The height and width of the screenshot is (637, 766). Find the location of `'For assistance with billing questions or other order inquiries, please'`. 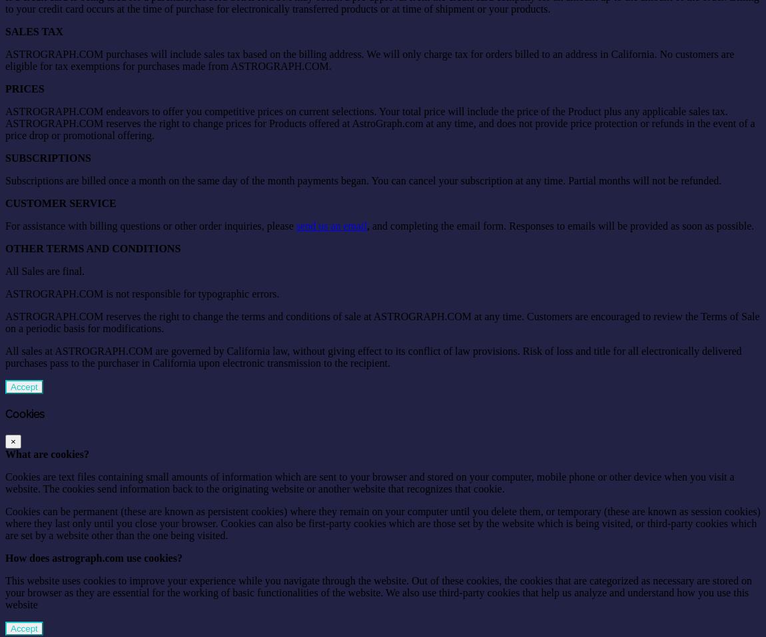

'For assistance with billing questions or other order inquiries, please' is located at coordinates (5, 225).